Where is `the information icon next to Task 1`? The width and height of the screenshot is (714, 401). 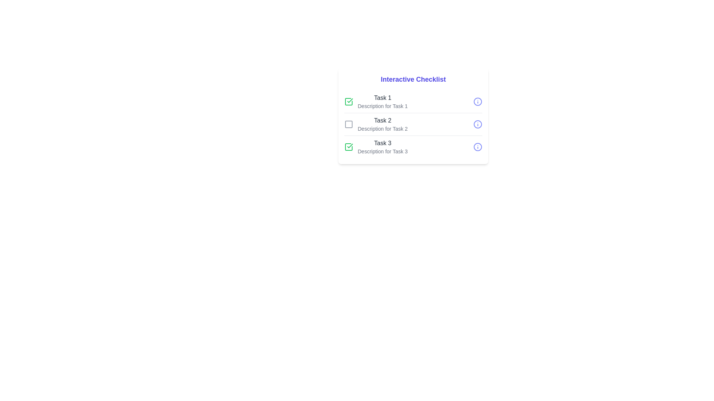
the information icon next to Task 1 is located at coordinates (478, 101).